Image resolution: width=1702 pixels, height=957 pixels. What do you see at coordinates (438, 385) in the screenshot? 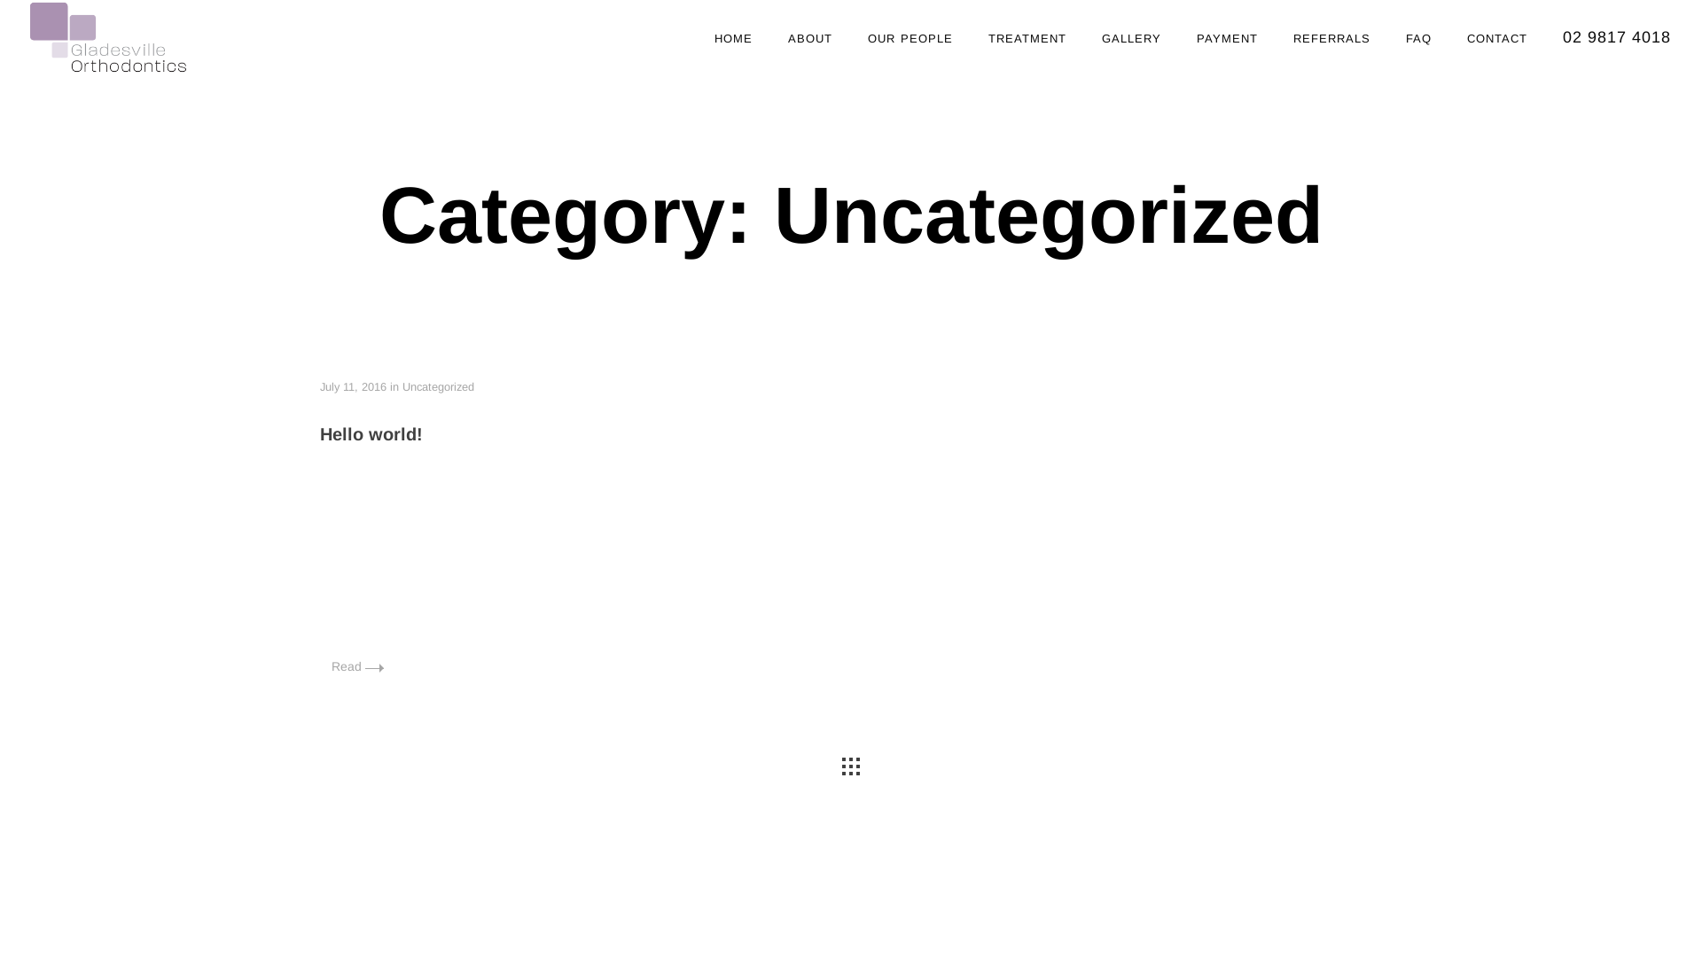
I see `'Uncategorized'` at bounding box center [438, 385].